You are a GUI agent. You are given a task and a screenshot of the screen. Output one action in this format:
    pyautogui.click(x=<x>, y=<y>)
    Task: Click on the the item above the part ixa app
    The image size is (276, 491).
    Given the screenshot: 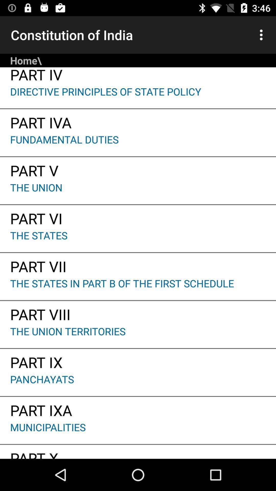 What is the action you would take?
    pyautogui.click(x=138, y=384)
    